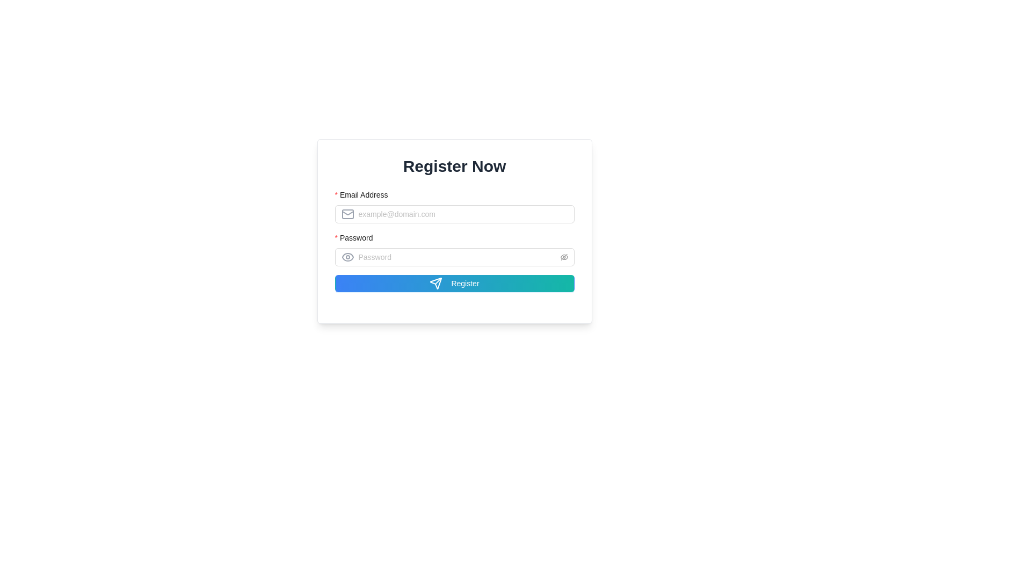 The height and width of the screenshot is (580, 1031). What do you see at coordinates (347, 257) in the screenshot?
I see `the eye icon located on the right side of the password field within the registration form to trigger the tooltip or effect` at bounding box center [347, 257].